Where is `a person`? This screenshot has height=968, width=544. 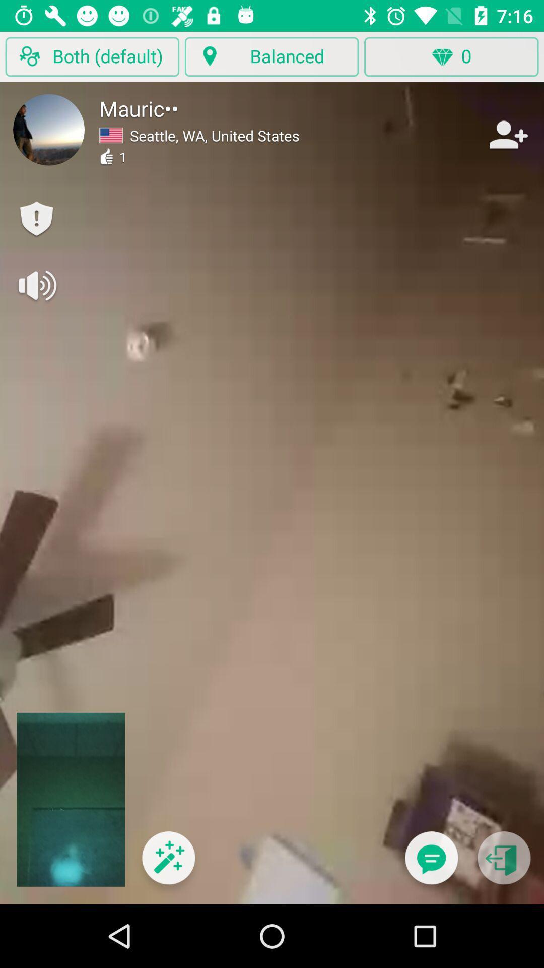
a person is located at coordinates (507, 134).